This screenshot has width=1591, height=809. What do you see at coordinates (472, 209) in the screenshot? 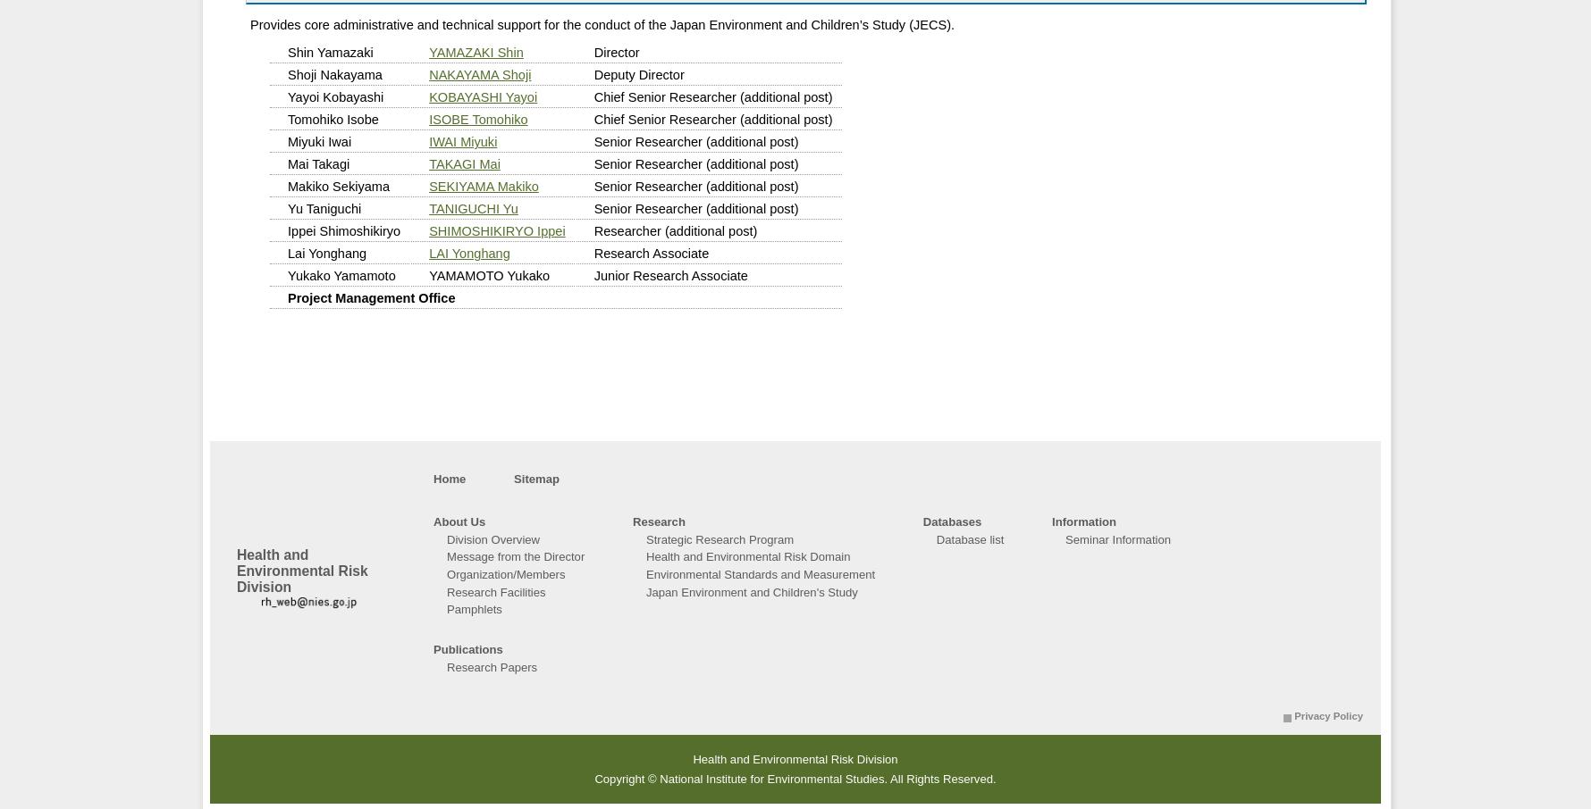
I see `'TANIGUCHI Yu'` at bounding box center [472, 209].